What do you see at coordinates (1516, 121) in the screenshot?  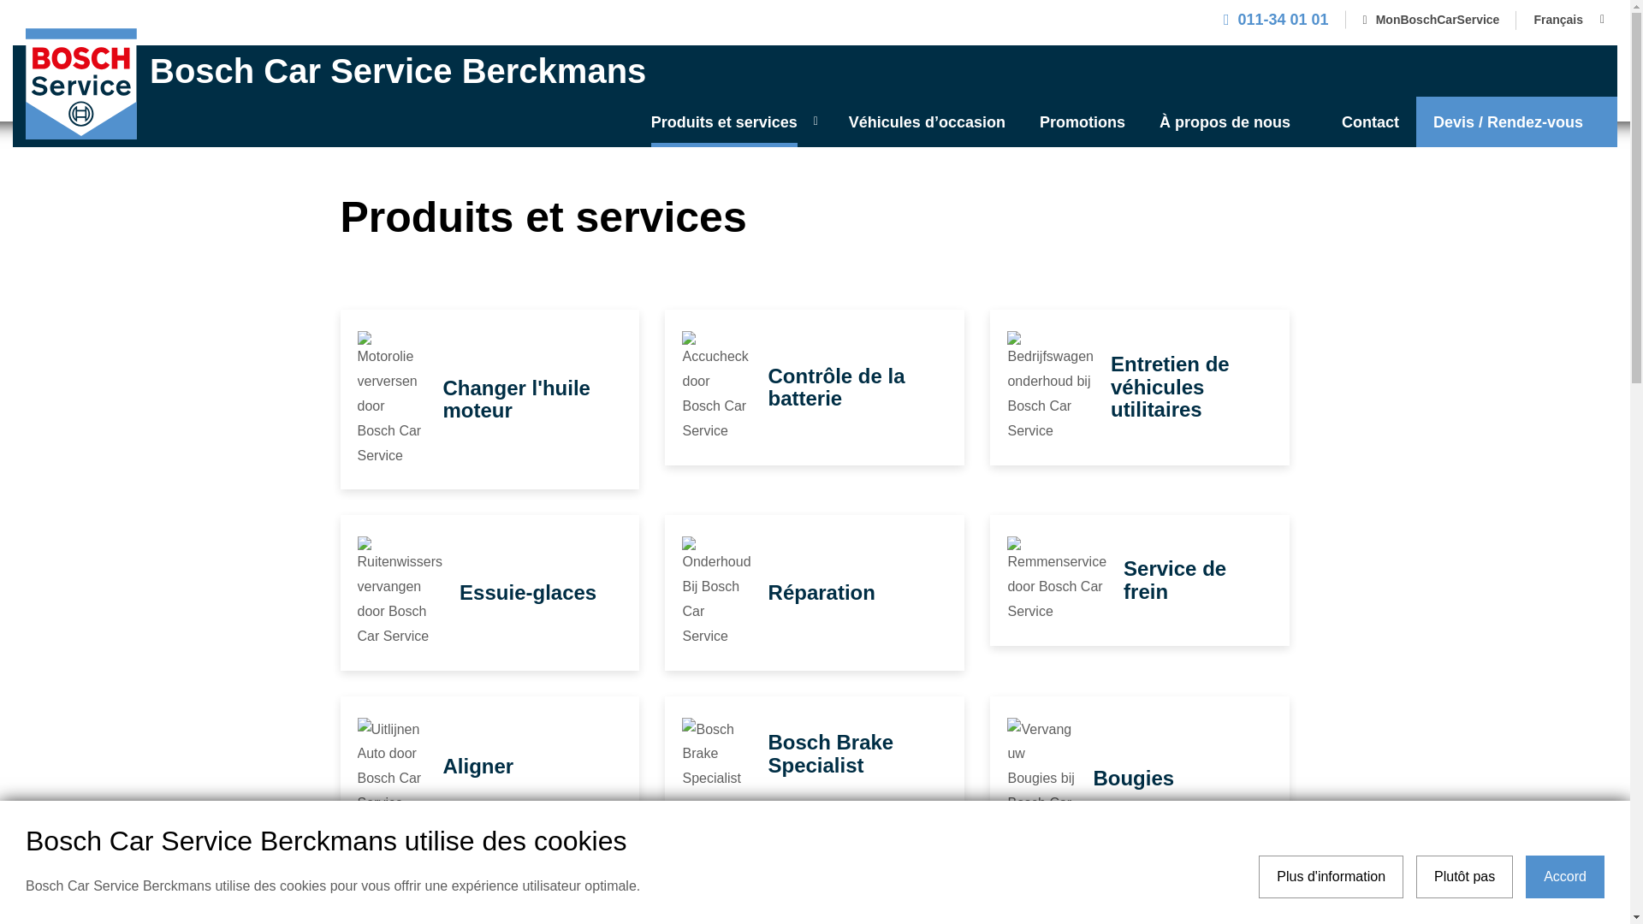 I see `'Devis / Rendez-vous'` at bounding box center [1516, 121].